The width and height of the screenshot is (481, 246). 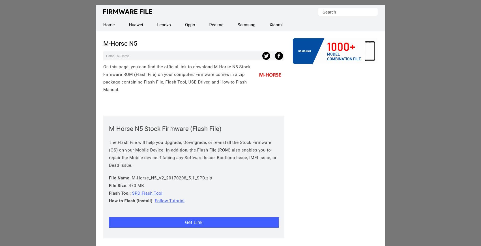 What do you see at coordinates (147, 193) in the screenshot?
I see `'SPD Flash Tool'` at bounding box center [147, 193].